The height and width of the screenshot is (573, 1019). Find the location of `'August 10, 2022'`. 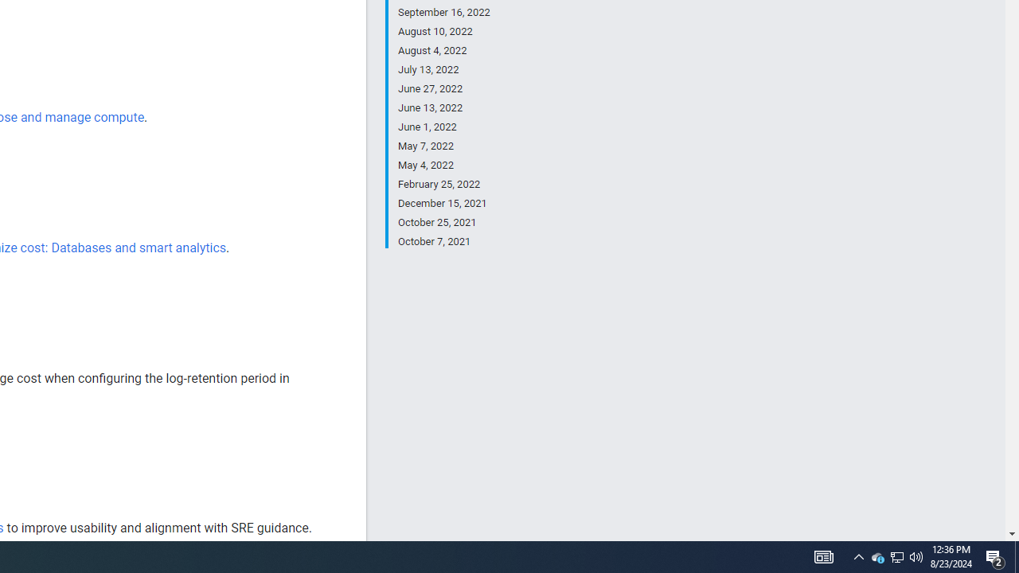

'August 10, 2022' is located at coordinates (443, 31).